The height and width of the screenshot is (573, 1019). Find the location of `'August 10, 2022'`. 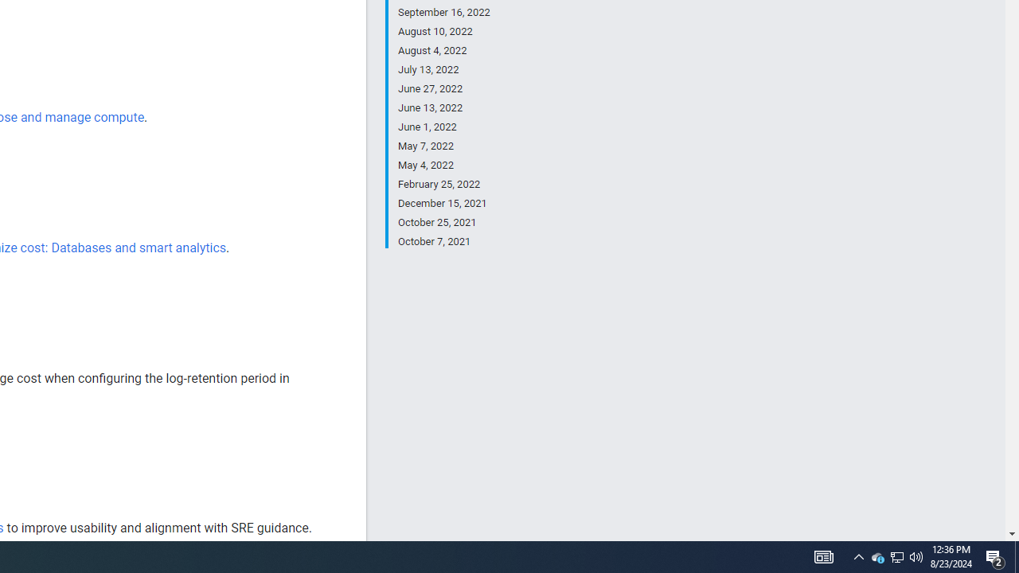

'August 10, 2022' is located at coordinates (443, 31).